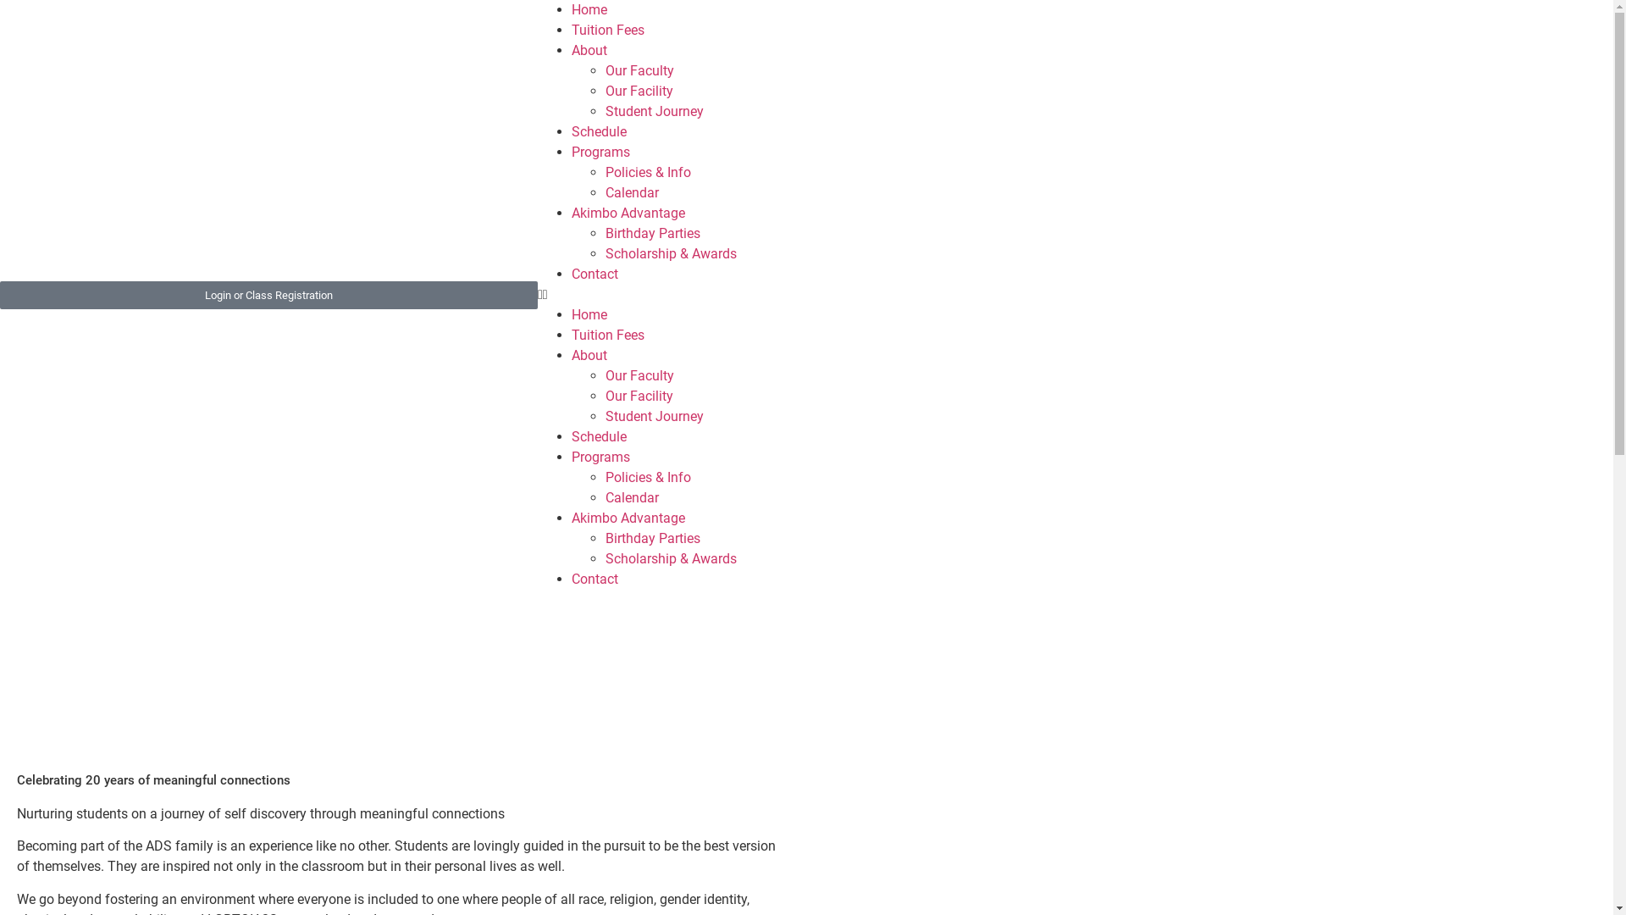  I want to click on 'Policies & Info', so click(647, 172).